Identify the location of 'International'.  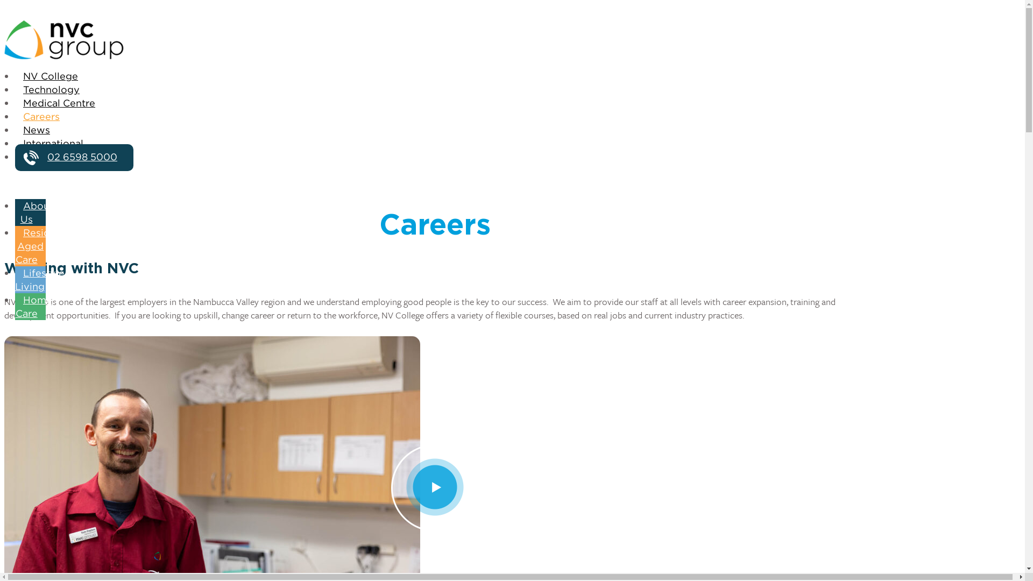
(15, 143).